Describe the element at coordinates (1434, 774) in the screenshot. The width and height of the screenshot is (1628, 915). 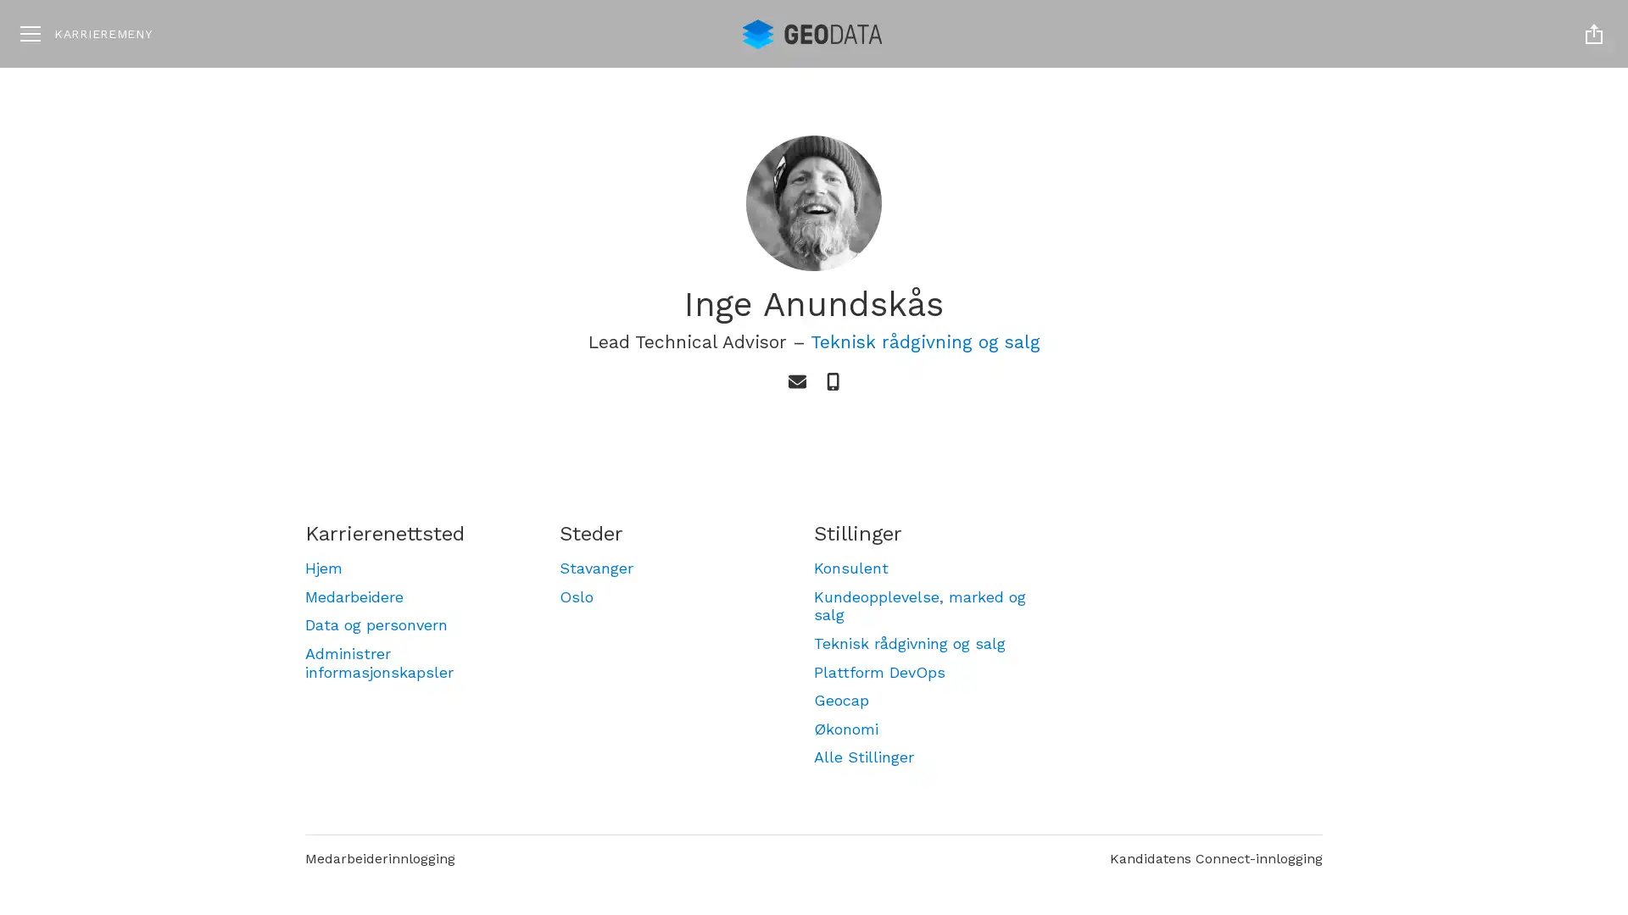
I see `Deaktivere alle` at that location.